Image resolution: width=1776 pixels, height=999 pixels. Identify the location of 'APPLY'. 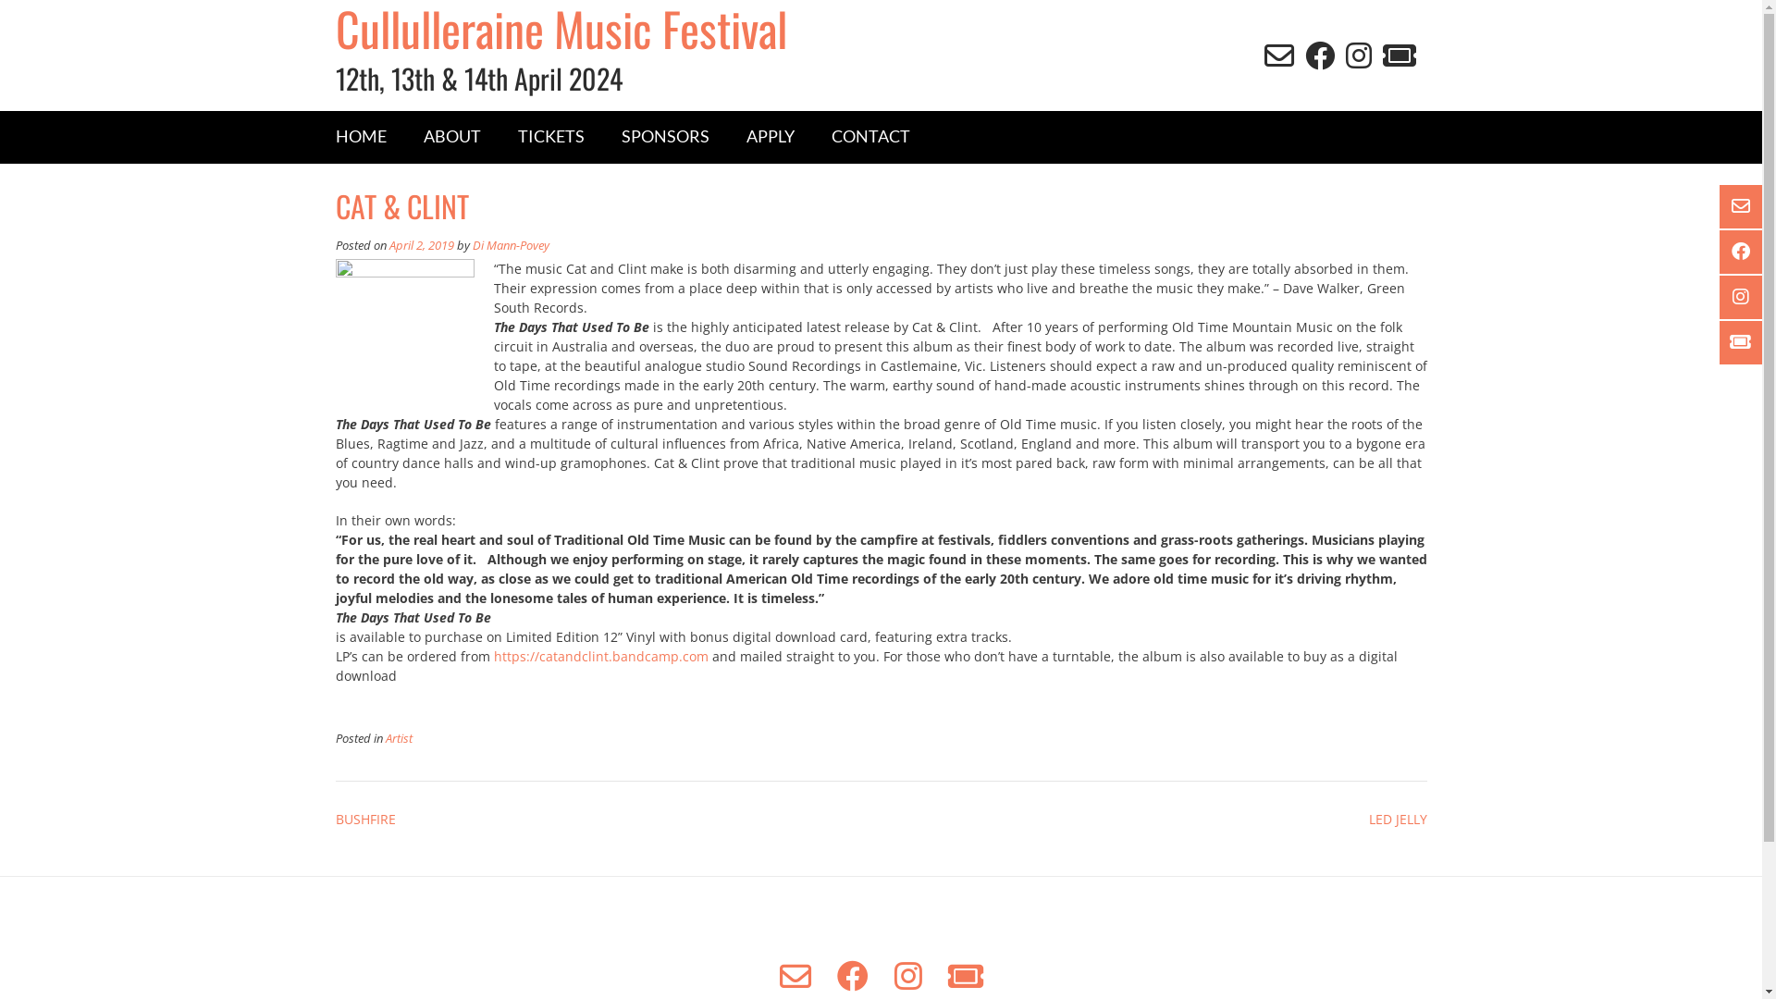
(726, 136).